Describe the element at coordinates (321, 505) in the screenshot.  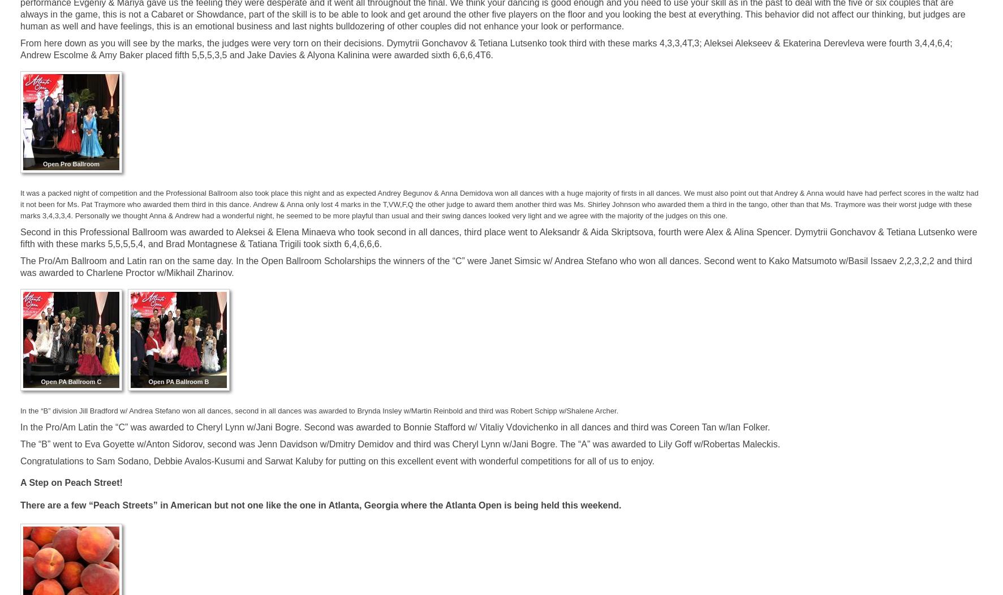
I see `'There are a few “Peach Streets” in American but not one like the one in Atlanta, Georgia where the Atlanta Open is being held this weekend.'` at that location.